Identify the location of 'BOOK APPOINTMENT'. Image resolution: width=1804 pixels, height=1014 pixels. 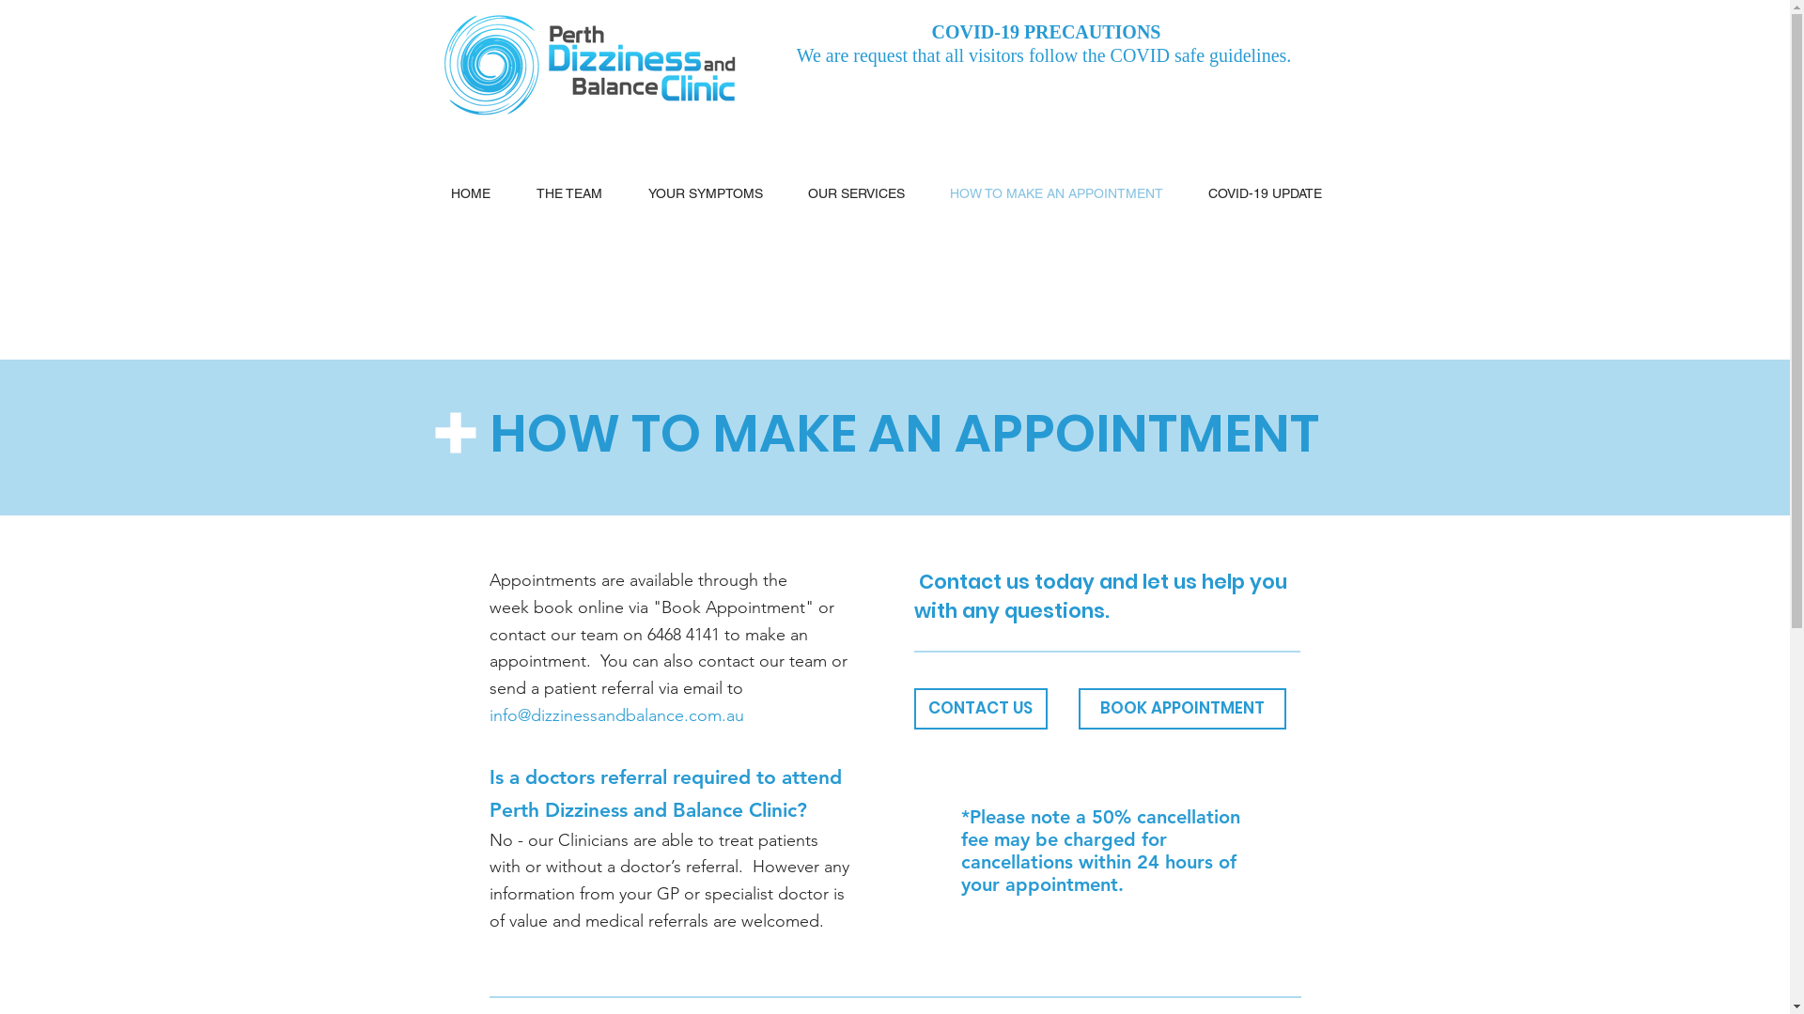
(1078, 709).